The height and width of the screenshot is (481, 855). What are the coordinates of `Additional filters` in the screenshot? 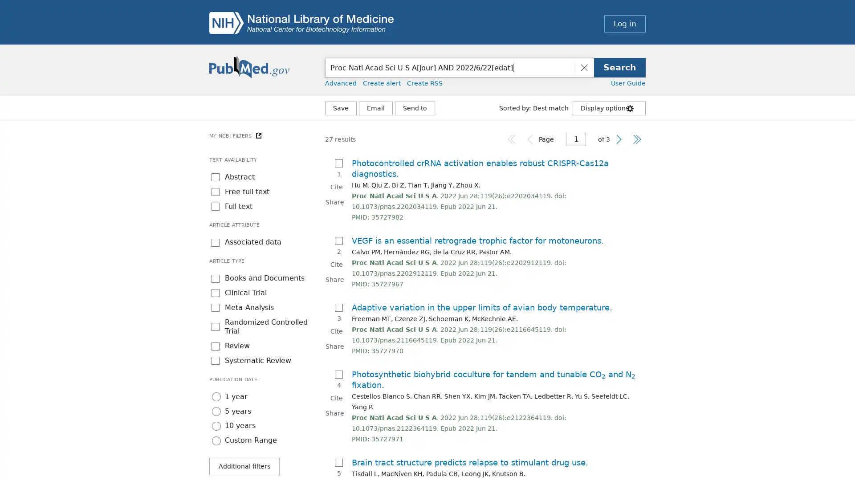 It's located at (244, 465).